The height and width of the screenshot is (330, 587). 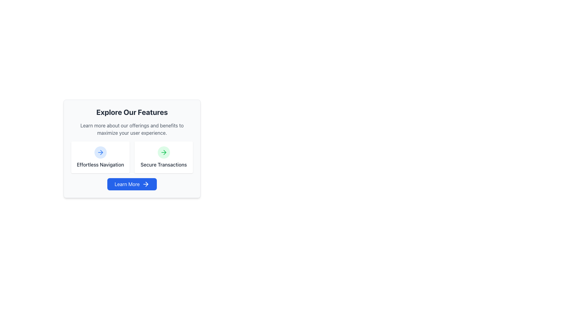 I want to click on the text header displaying 'Explore Our Features.' which is styled with a bold font and larger size, located at the top of a card-like section, so click(x=132, y=112).